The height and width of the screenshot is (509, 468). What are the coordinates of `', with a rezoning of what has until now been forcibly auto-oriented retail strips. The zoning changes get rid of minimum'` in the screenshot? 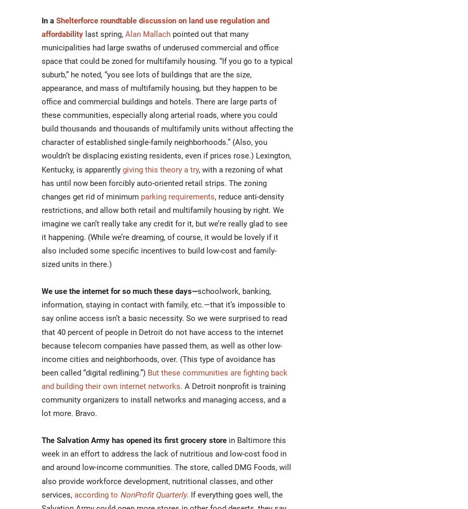 It's located at (162, 183).